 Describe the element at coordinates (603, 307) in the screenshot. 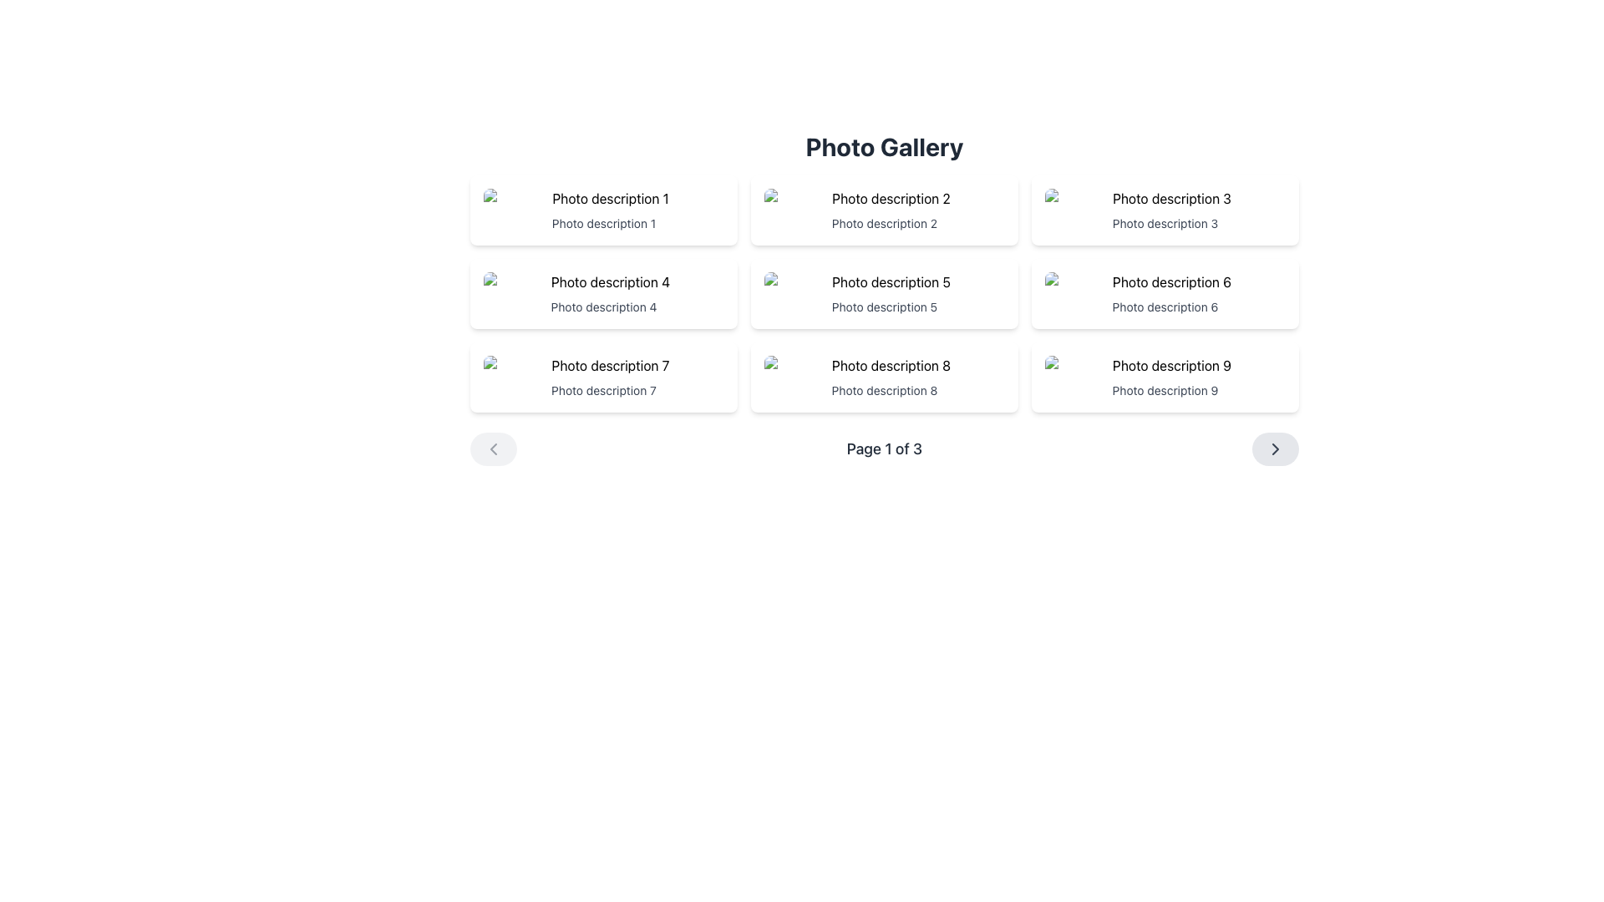

I see `the Label element located in the second row and second column of the grid, which provides a description related to the image displayed above it in the card layout` at that location.